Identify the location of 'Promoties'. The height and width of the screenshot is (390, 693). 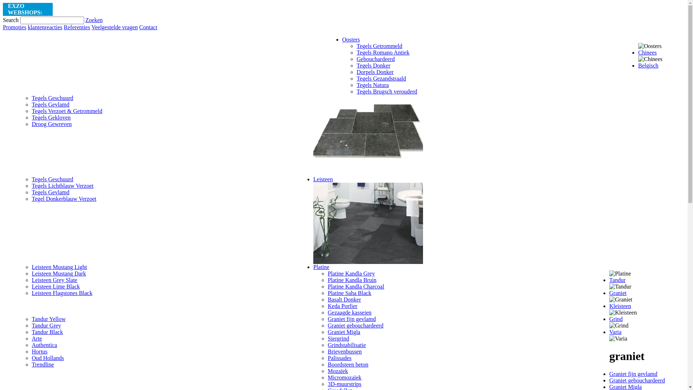
(14, 27).